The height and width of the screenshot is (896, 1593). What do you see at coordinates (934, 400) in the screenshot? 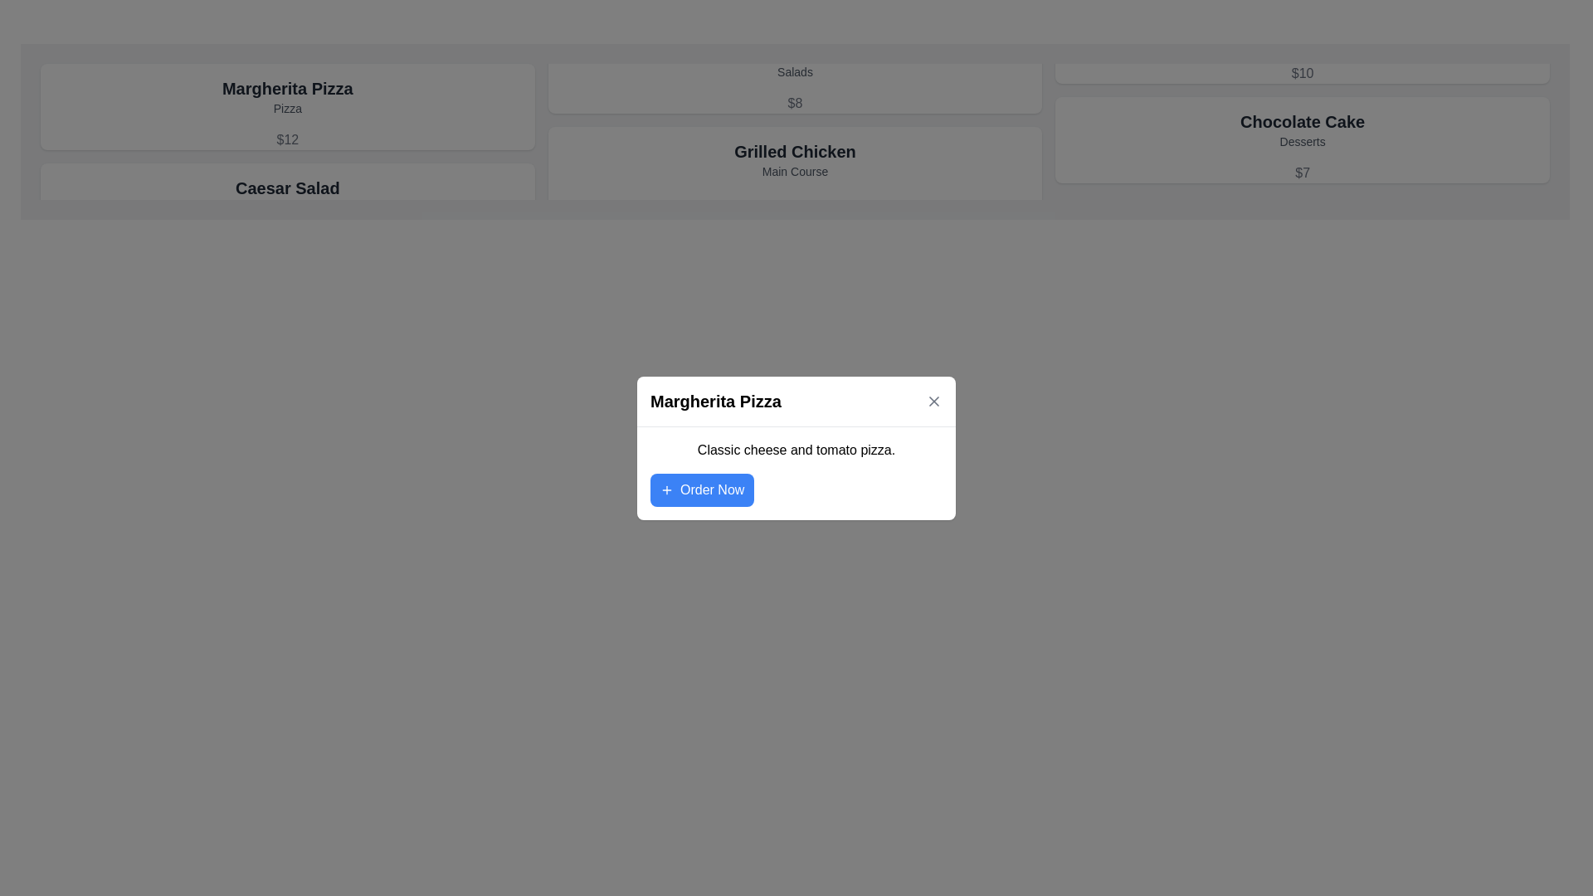
I see `the close button represented by a small 'X' icon in the top-right corner of the modal displaying 'Margherita Pizza'` at bounding box center [934, 400].